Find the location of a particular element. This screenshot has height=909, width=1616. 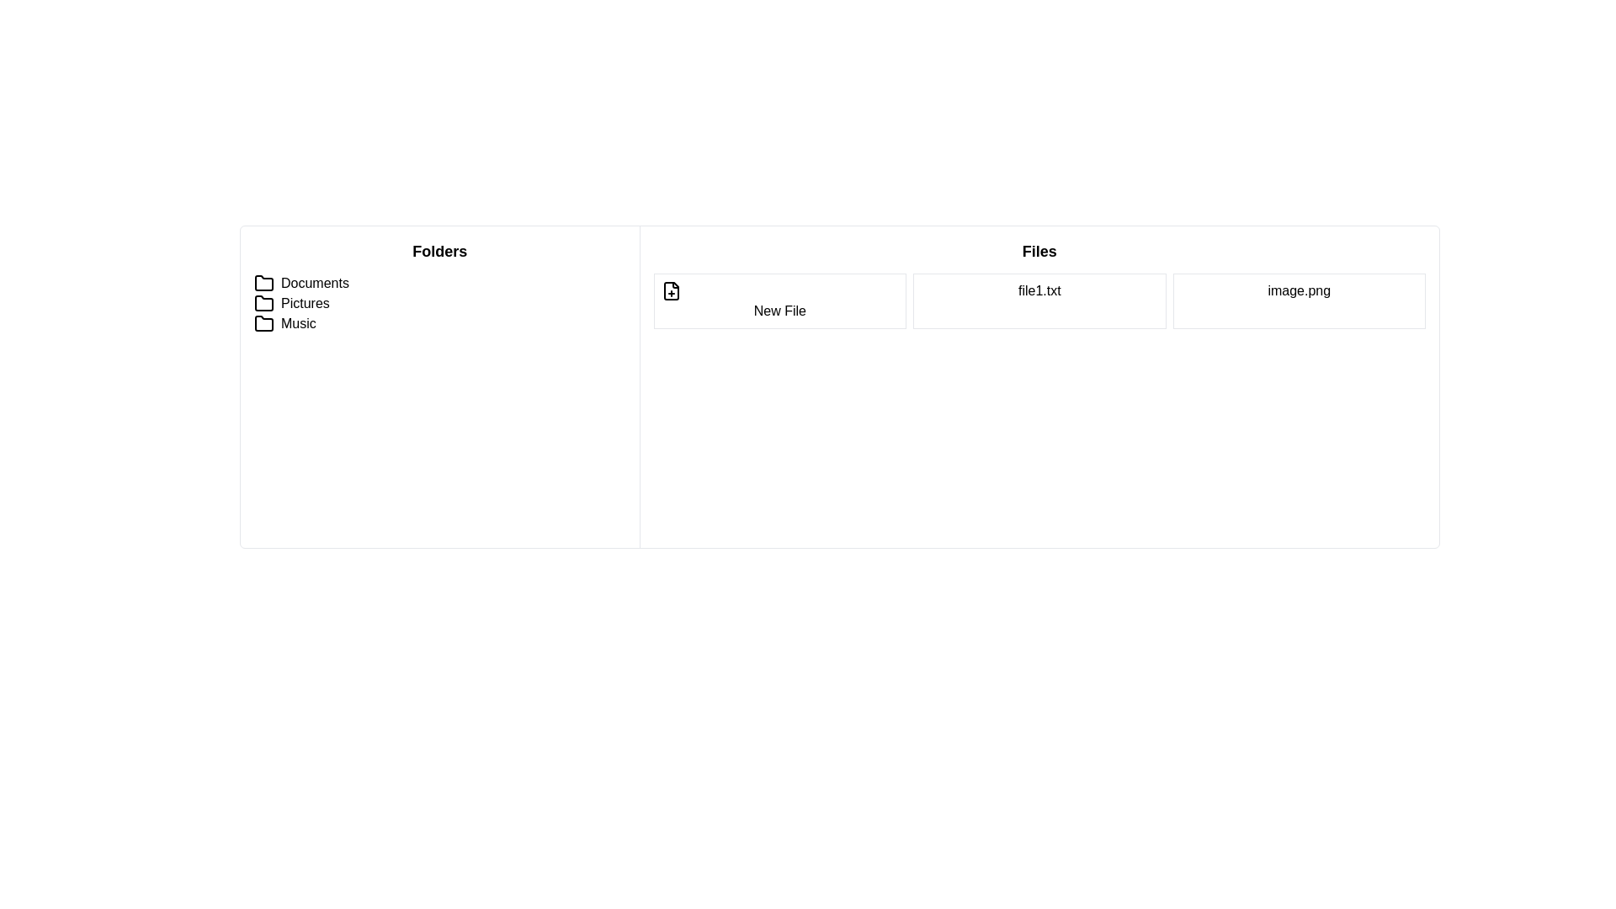

the 'Pictures' item in the list of folders is located at coordinates (439, 304).